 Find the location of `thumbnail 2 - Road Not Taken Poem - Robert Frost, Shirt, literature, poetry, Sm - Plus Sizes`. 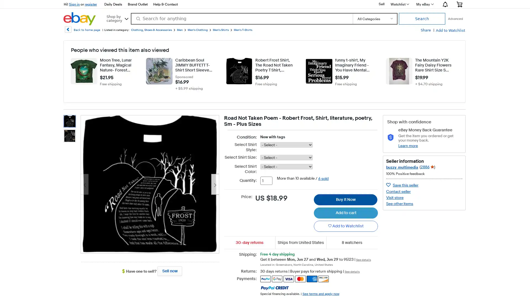

thumbnail 2 - Road Not Taken Poem - Robert Frost, Shirt, literature, poetry, Sm - Plus Sizes is located at coordinates (69, 136).